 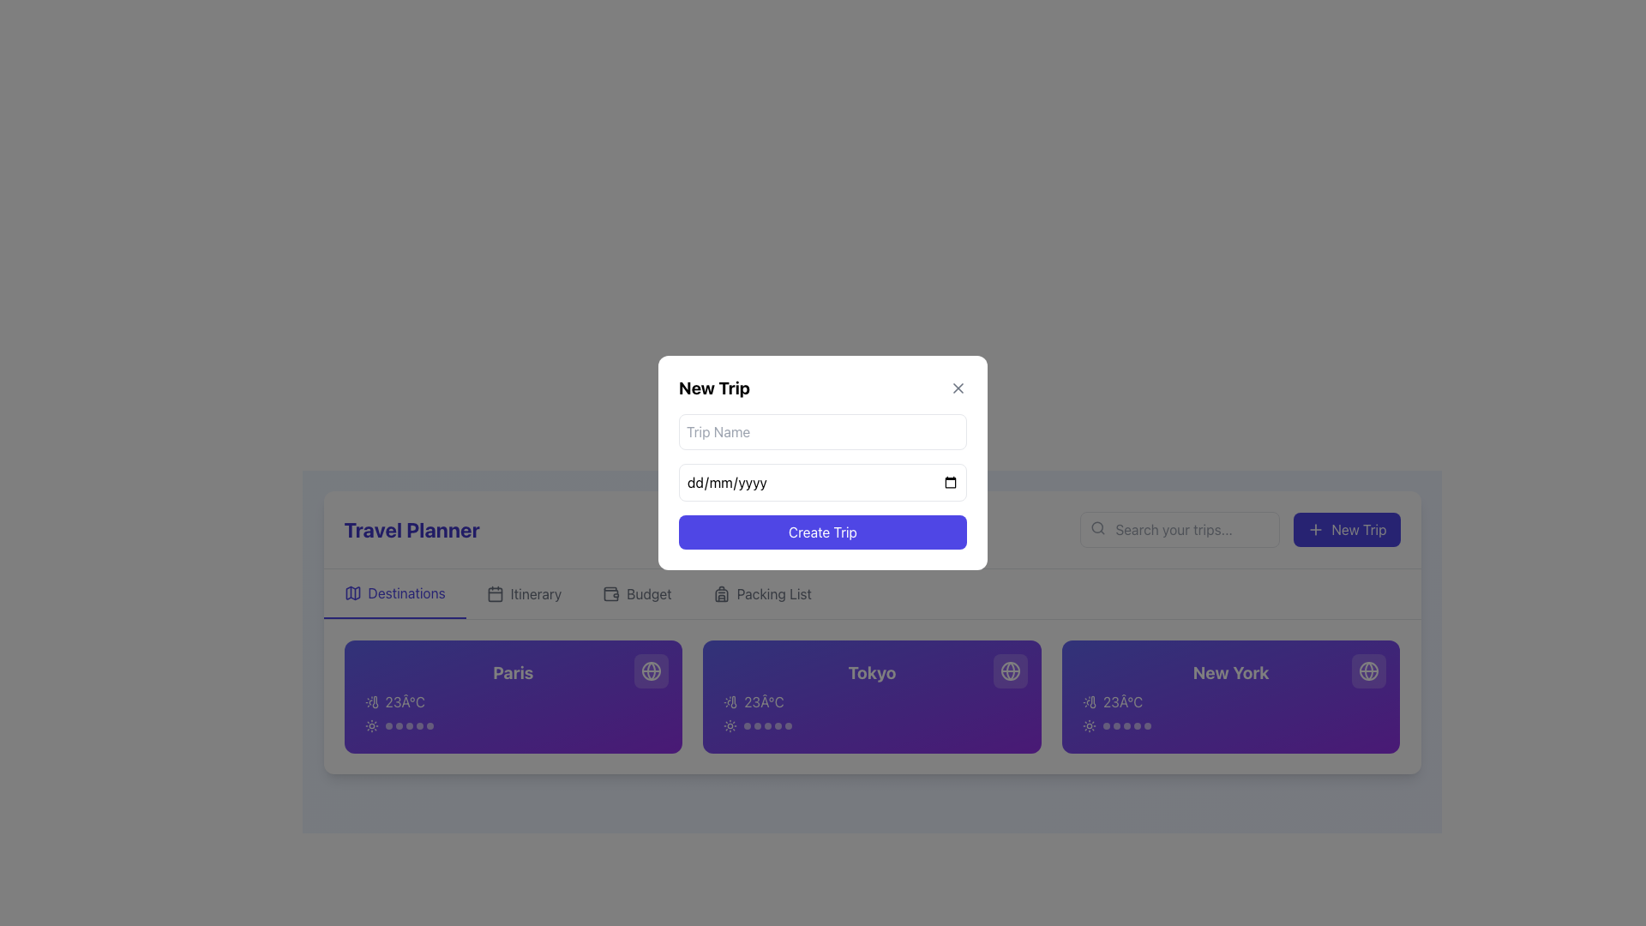 What do you see at coordinates (1346, 528) in the screenshot?
I see `the button that initiates the creation of a new trip` at bounding box center [1346, 528].